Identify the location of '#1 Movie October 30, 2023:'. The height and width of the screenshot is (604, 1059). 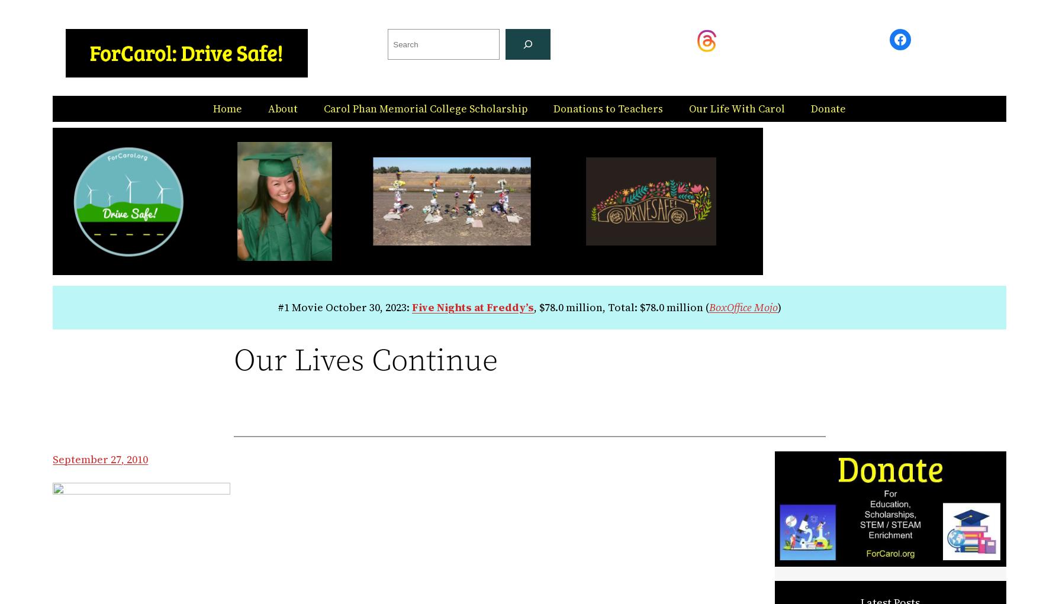
(277, 306).